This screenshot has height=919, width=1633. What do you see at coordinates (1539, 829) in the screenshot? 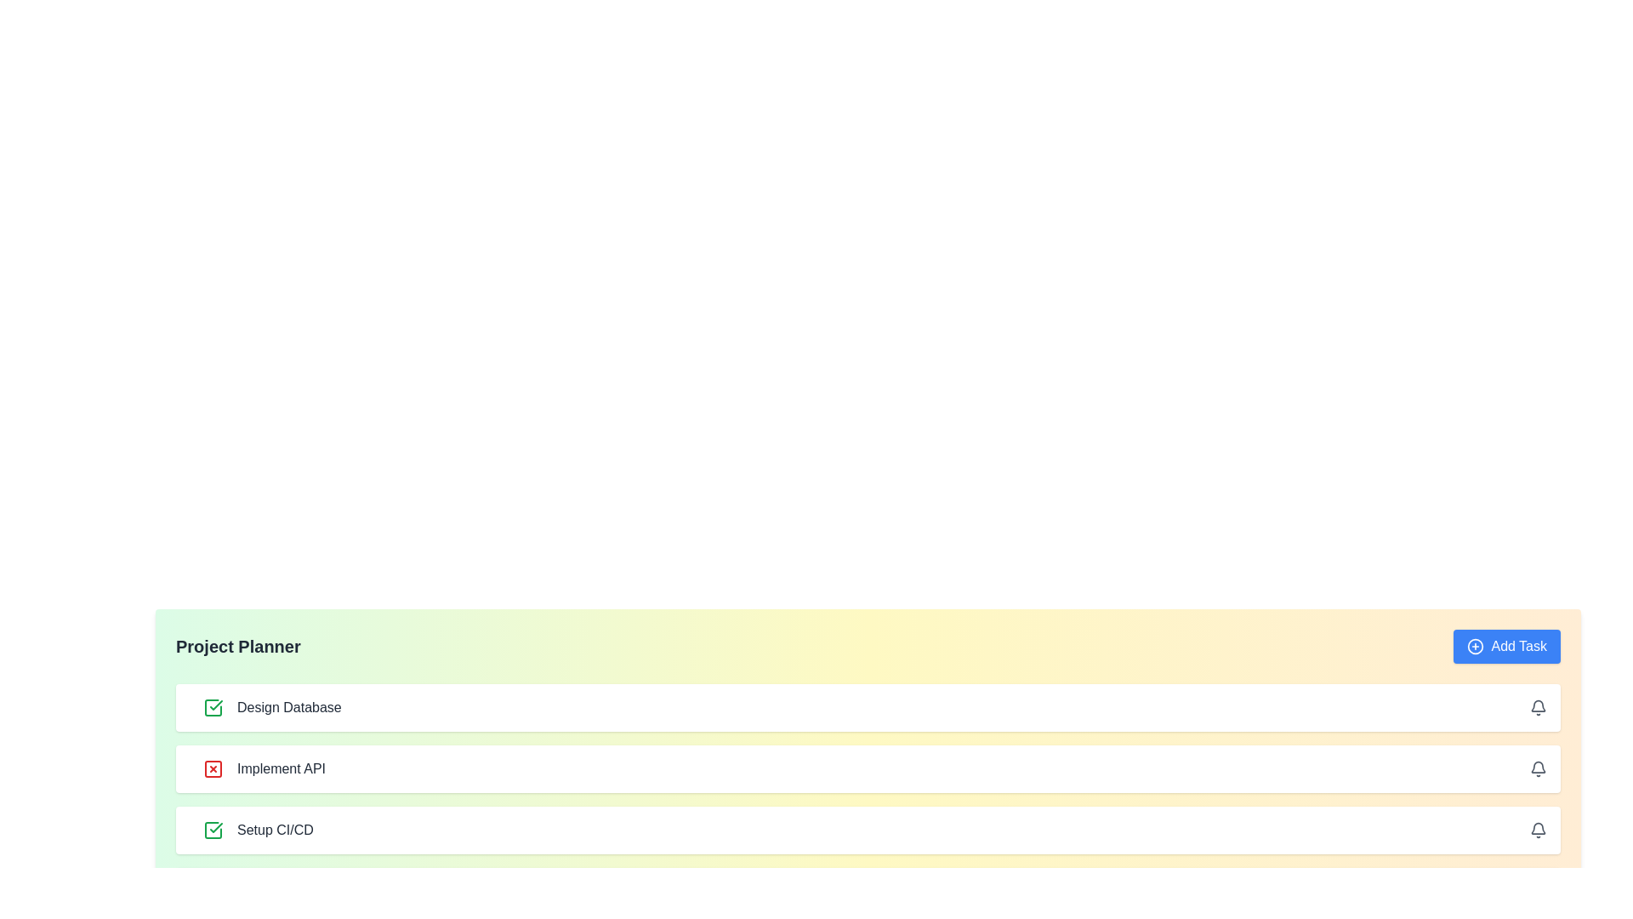
I see `bell icon for the task Setup CI/CD to set or manage notifications` at bounding box center [1539, 829].